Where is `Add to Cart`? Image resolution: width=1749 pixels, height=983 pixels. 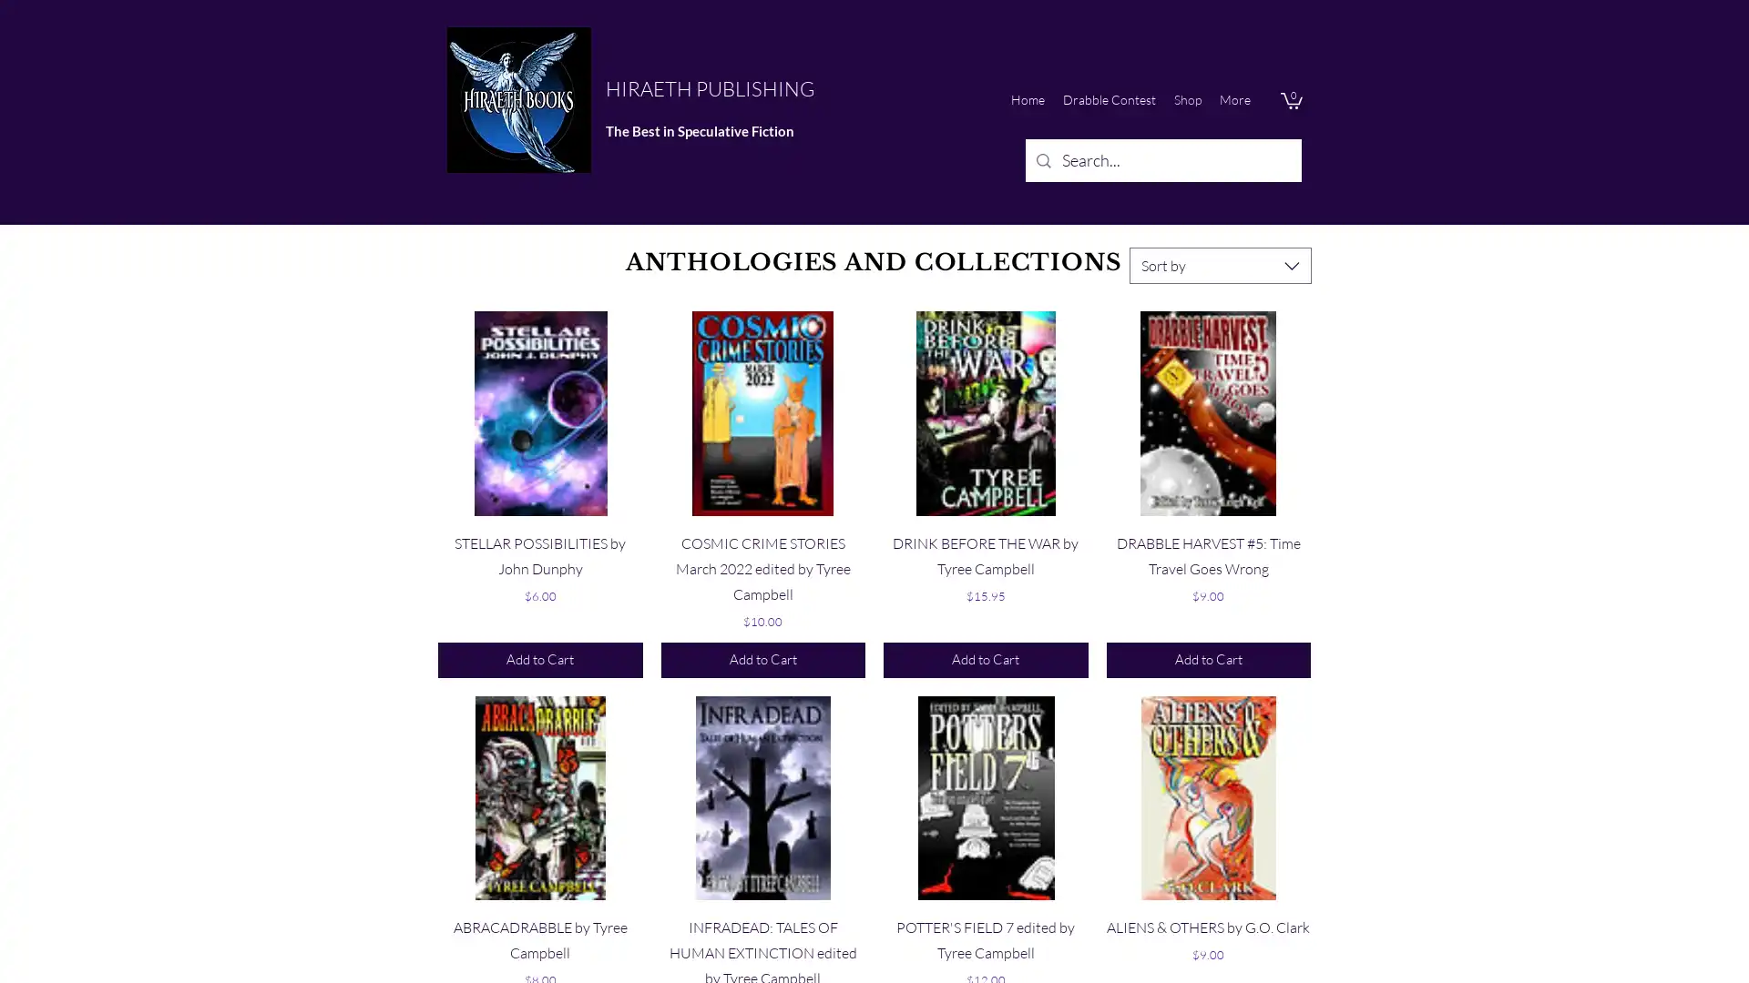
Add to Cart is located at coordinates (984, 660).